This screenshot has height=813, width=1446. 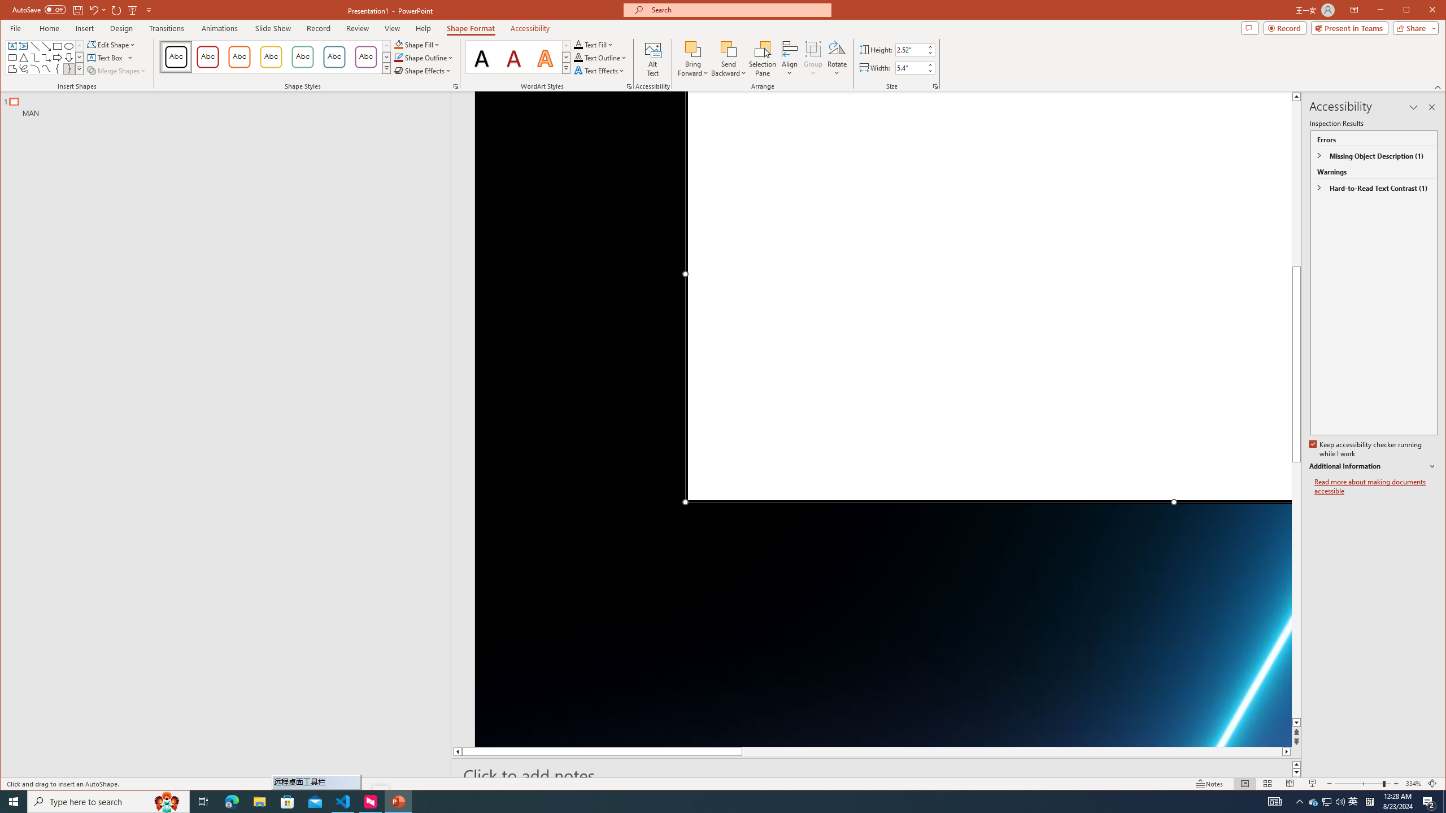 I want to click on 'Rotate', so click(x=837, y=58).